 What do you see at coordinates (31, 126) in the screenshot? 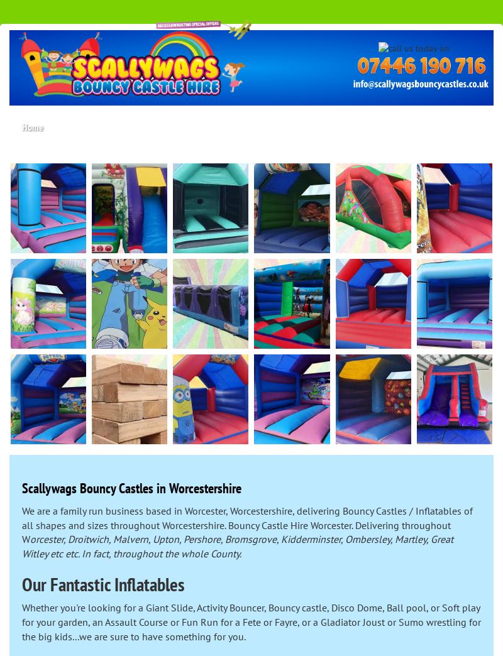
I see `'Home'` at bounding box center [31, 126].